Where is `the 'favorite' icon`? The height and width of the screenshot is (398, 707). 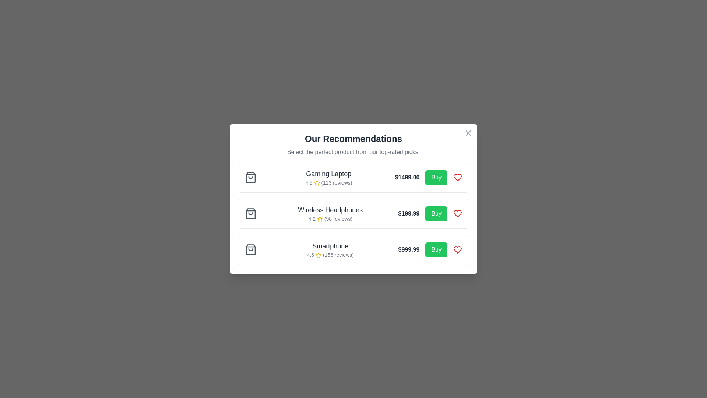
the 'favorite' icon is located at coordinates (457, 213).